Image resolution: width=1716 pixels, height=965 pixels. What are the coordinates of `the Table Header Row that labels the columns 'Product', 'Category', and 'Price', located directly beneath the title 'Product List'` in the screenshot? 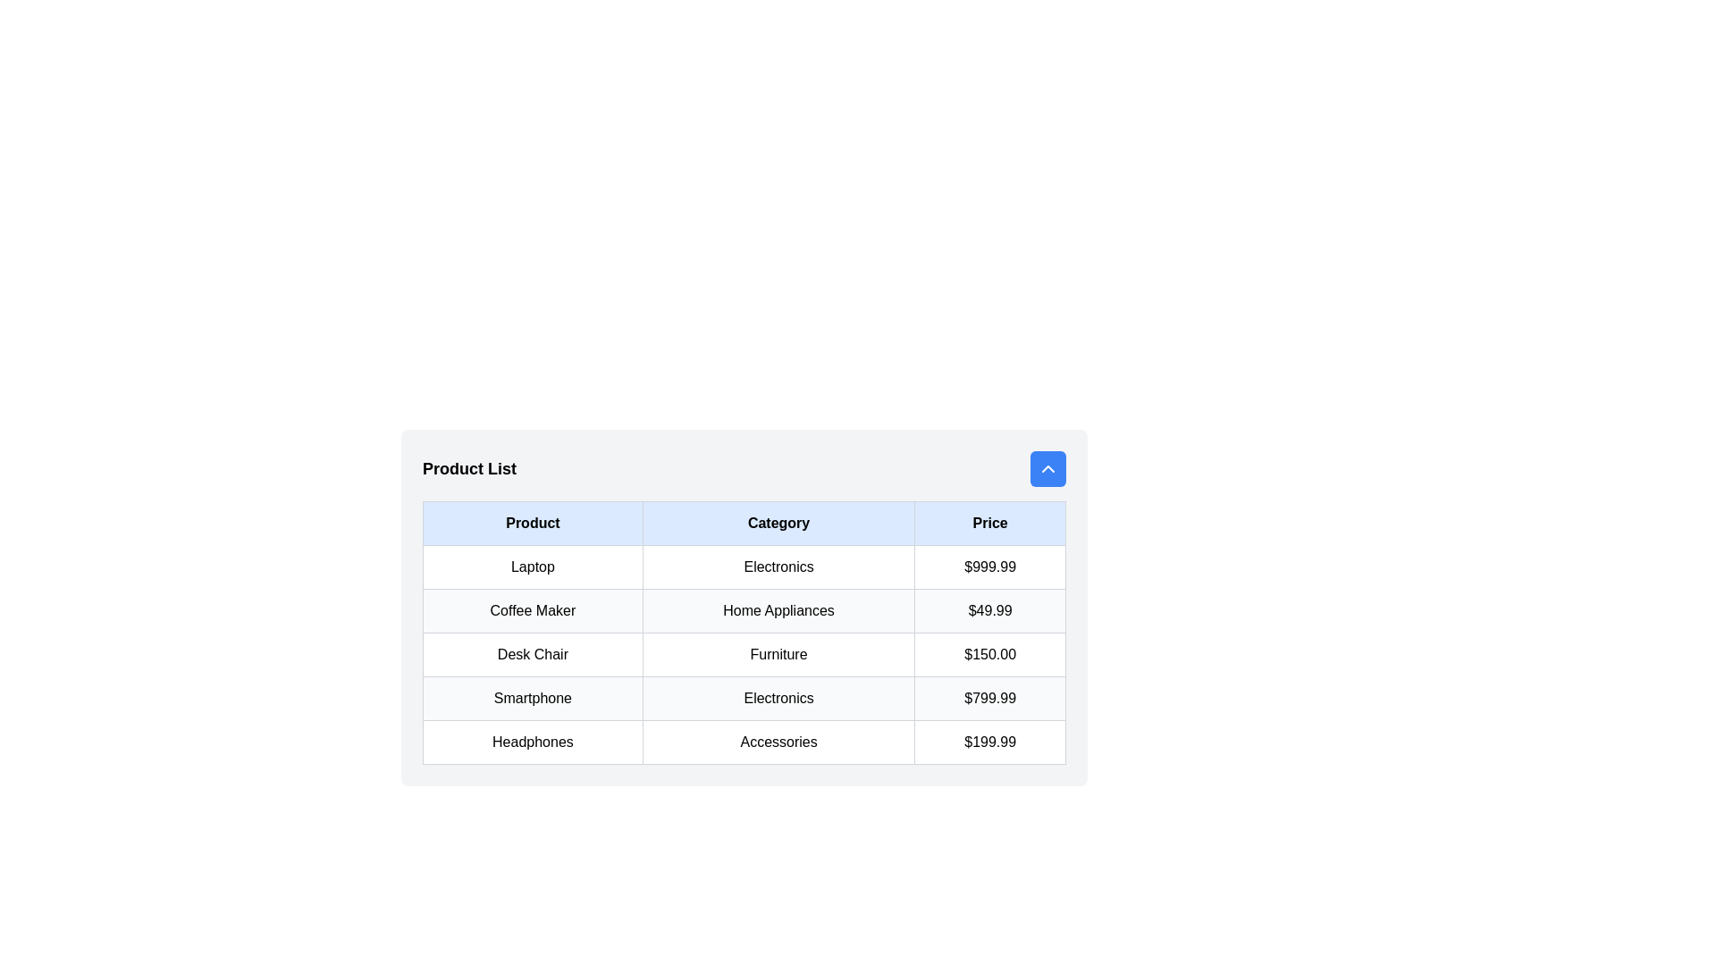 It's located at (744, 523).